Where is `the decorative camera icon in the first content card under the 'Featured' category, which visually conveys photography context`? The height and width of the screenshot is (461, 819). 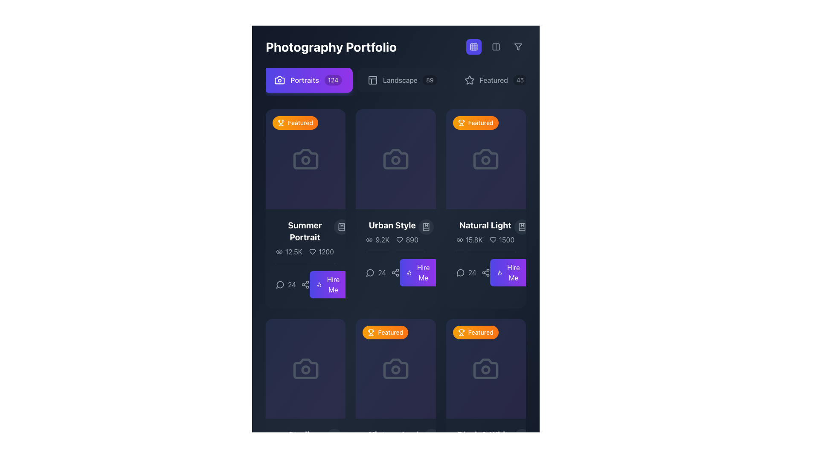 the decorative camera icon in the first content card under the 'Featured' category, which visually conveys photography context is located at coordinates (305, 159).